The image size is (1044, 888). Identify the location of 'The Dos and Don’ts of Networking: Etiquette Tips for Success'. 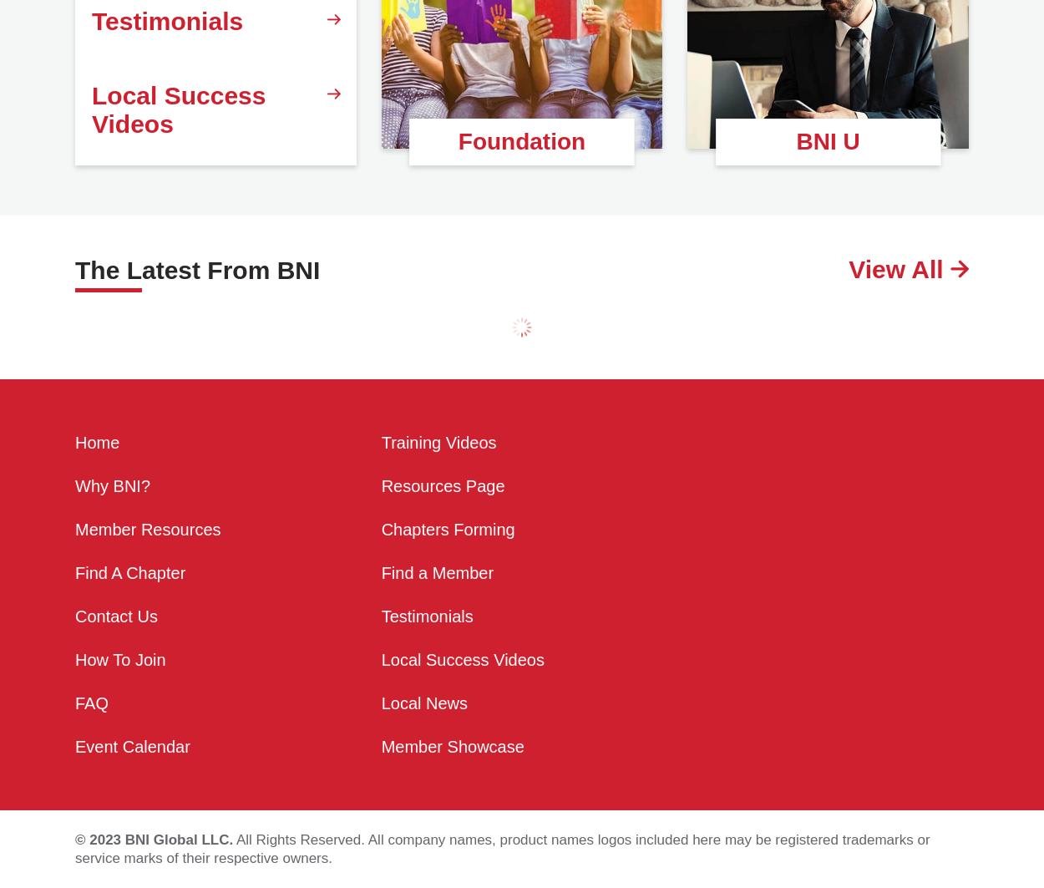
(171, 382).